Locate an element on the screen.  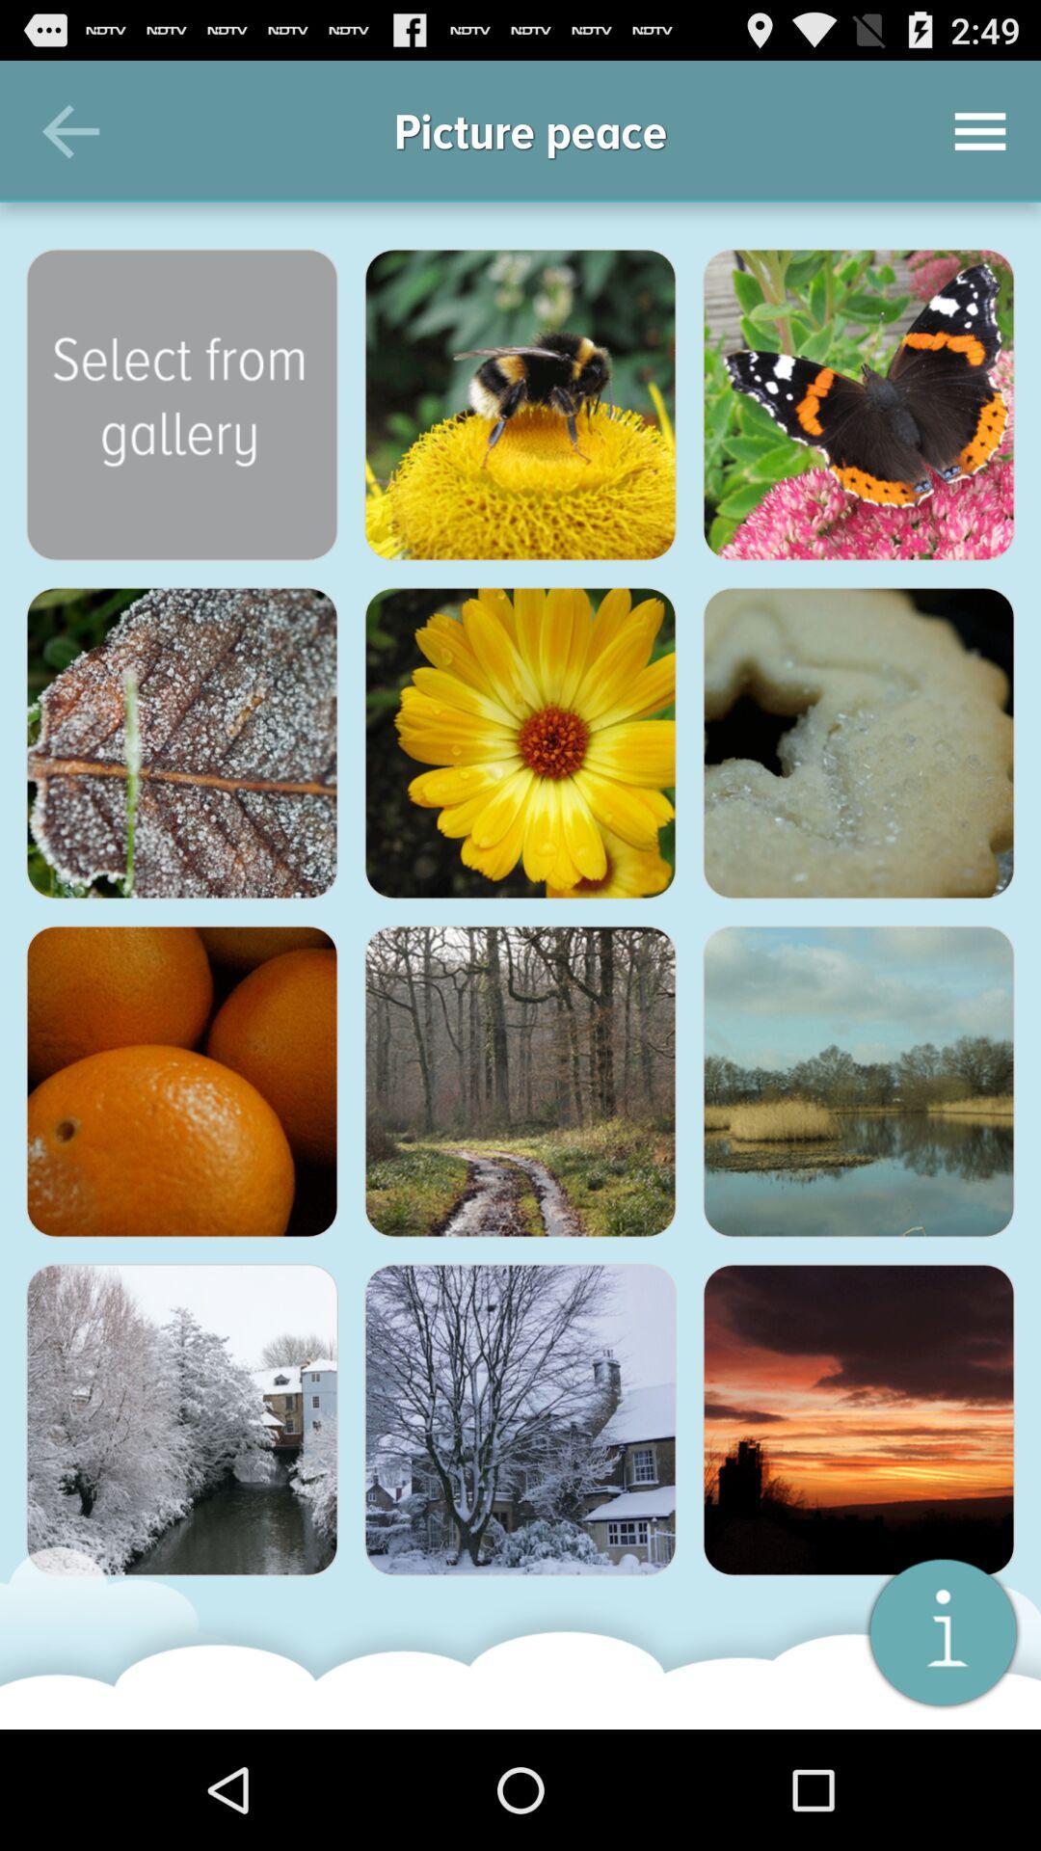
the icon next to picture peace item is located at coordinates (980, 130).